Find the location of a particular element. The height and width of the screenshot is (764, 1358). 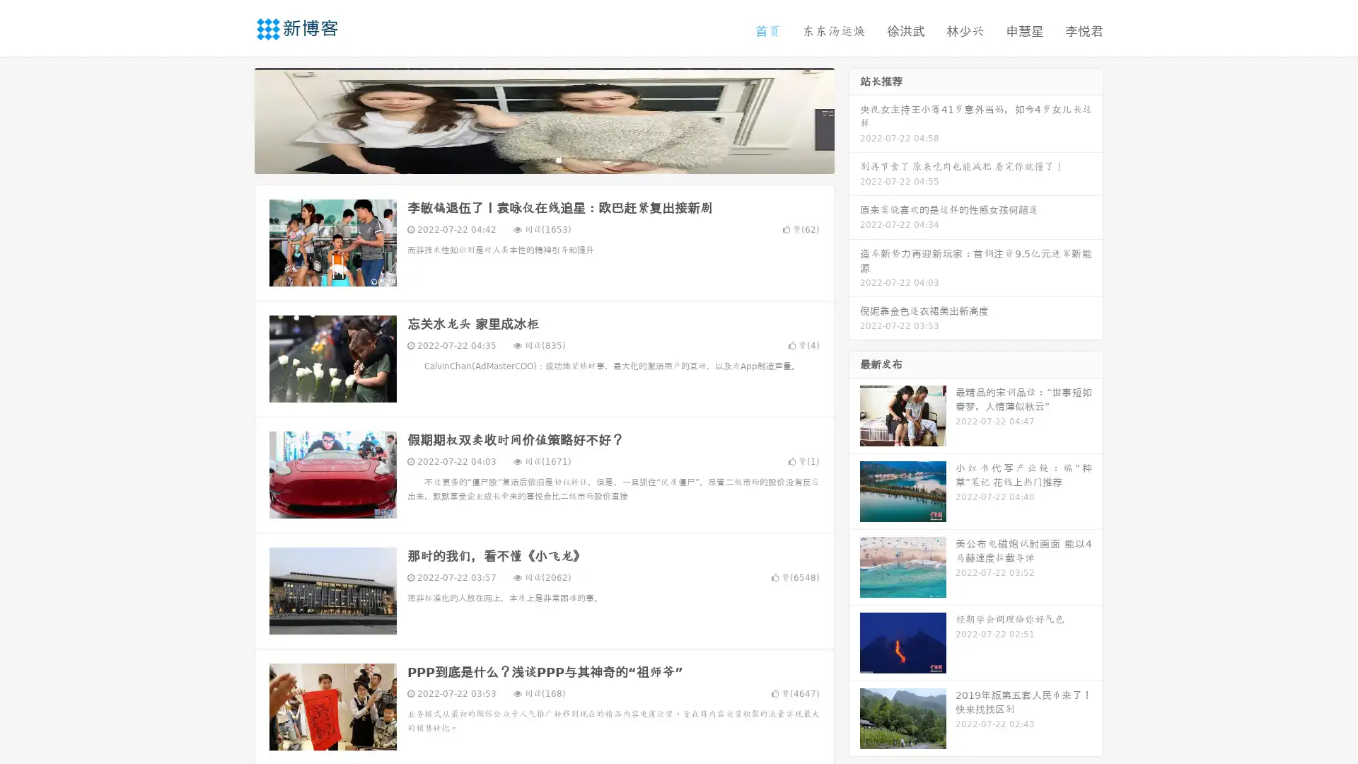

Go to slide 1 is located at coordinates (529, 159).